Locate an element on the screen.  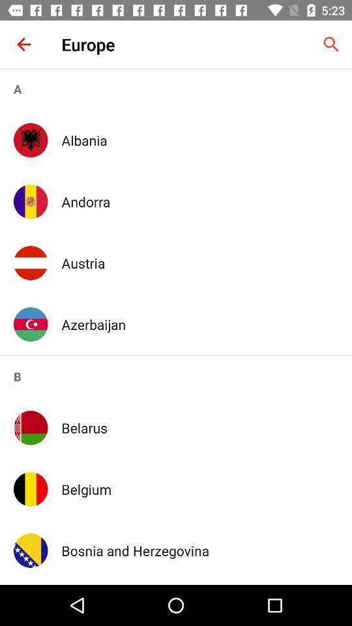
the belgium is located at coordinates (199, 488).